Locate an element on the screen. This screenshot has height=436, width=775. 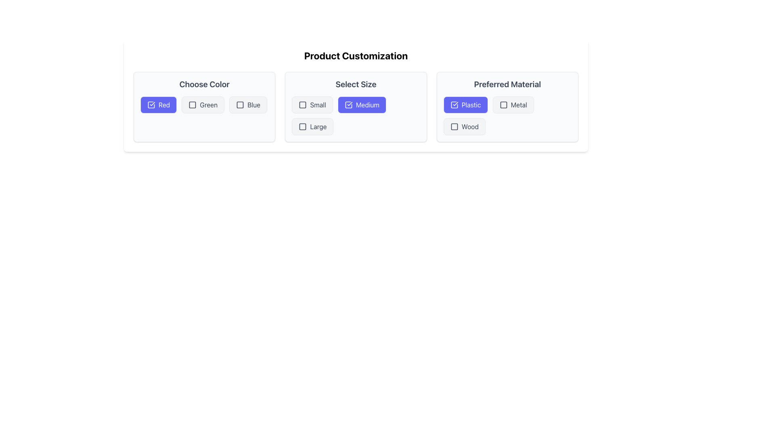
the checkbox associated with the 'Small' size option in the 'Select Size' section of the 'Product Customization' interface is located at coordinates (302, 104).